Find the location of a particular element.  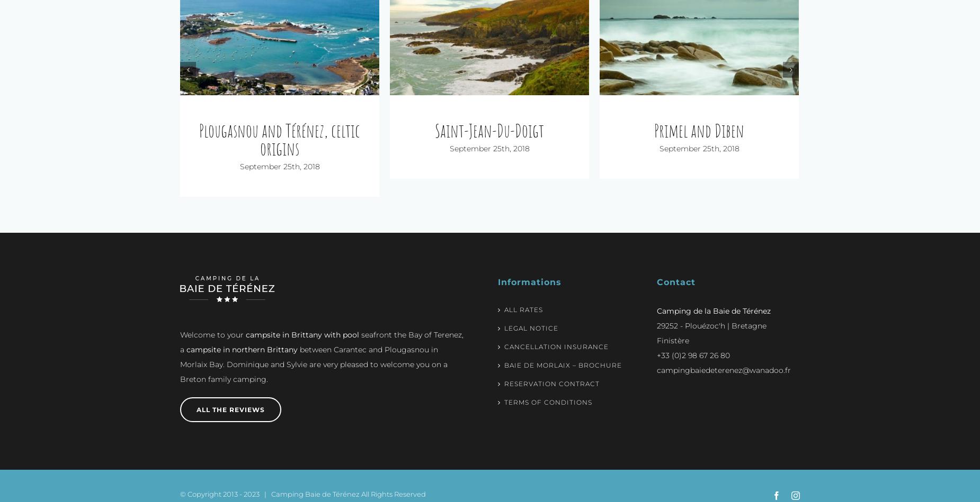

'campingbaiedeterenez@wanadoo.fr' is located at coordinates (723, 352).